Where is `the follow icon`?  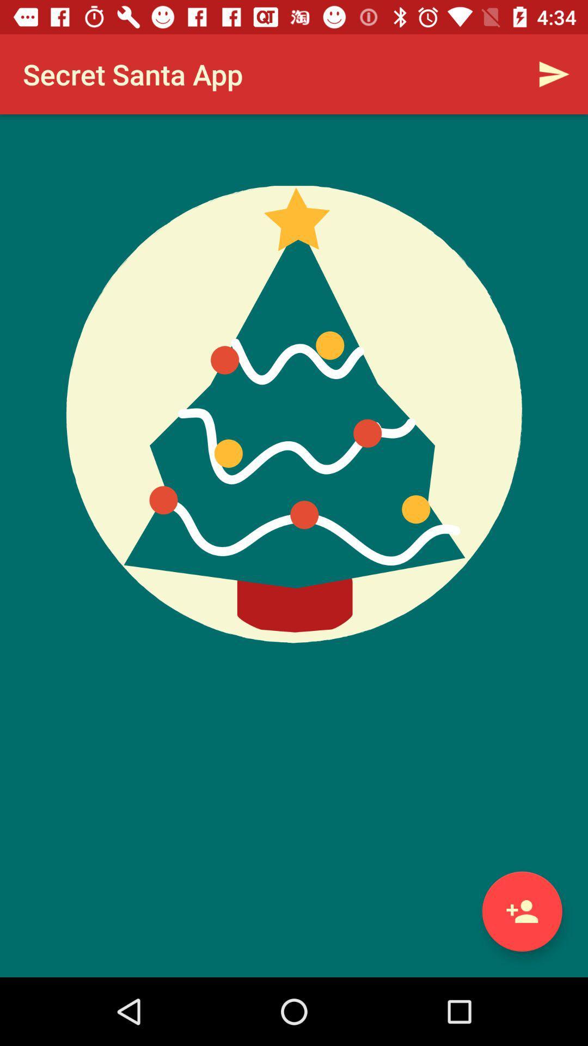 the follow icon is located at coordinates (522, 911).